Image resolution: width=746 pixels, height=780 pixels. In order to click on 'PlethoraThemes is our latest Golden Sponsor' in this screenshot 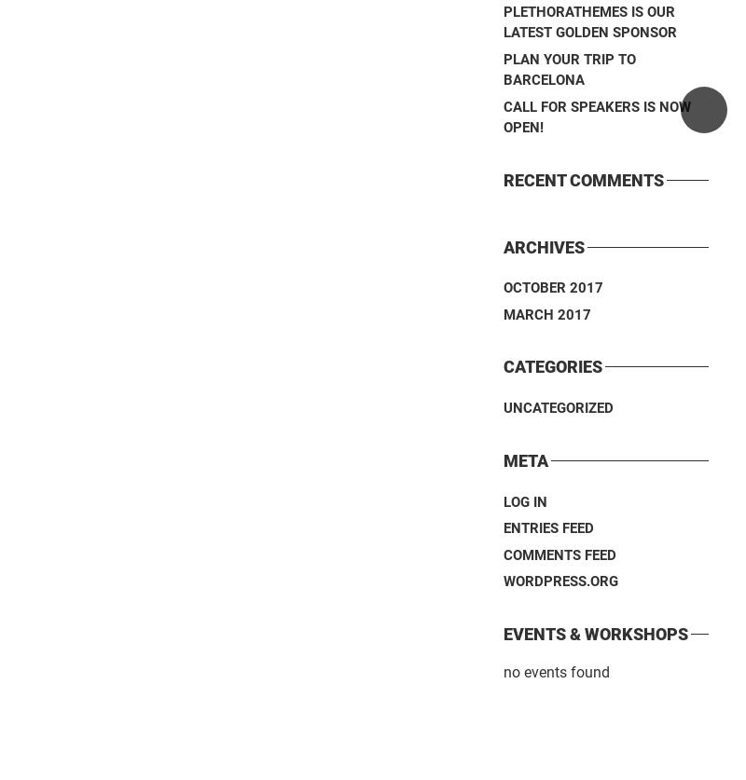, I will do `click(504, 21)`.